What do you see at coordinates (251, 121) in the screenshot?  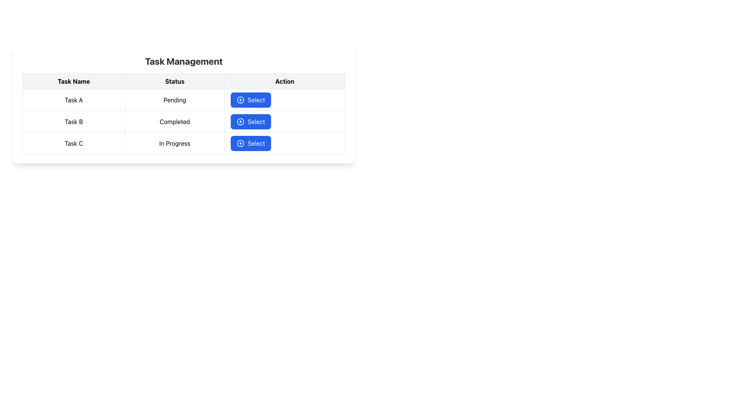 I see `the middle button in the 'Action' column of the second row under the 'Task Management' section` at bounding box center [251, 121].